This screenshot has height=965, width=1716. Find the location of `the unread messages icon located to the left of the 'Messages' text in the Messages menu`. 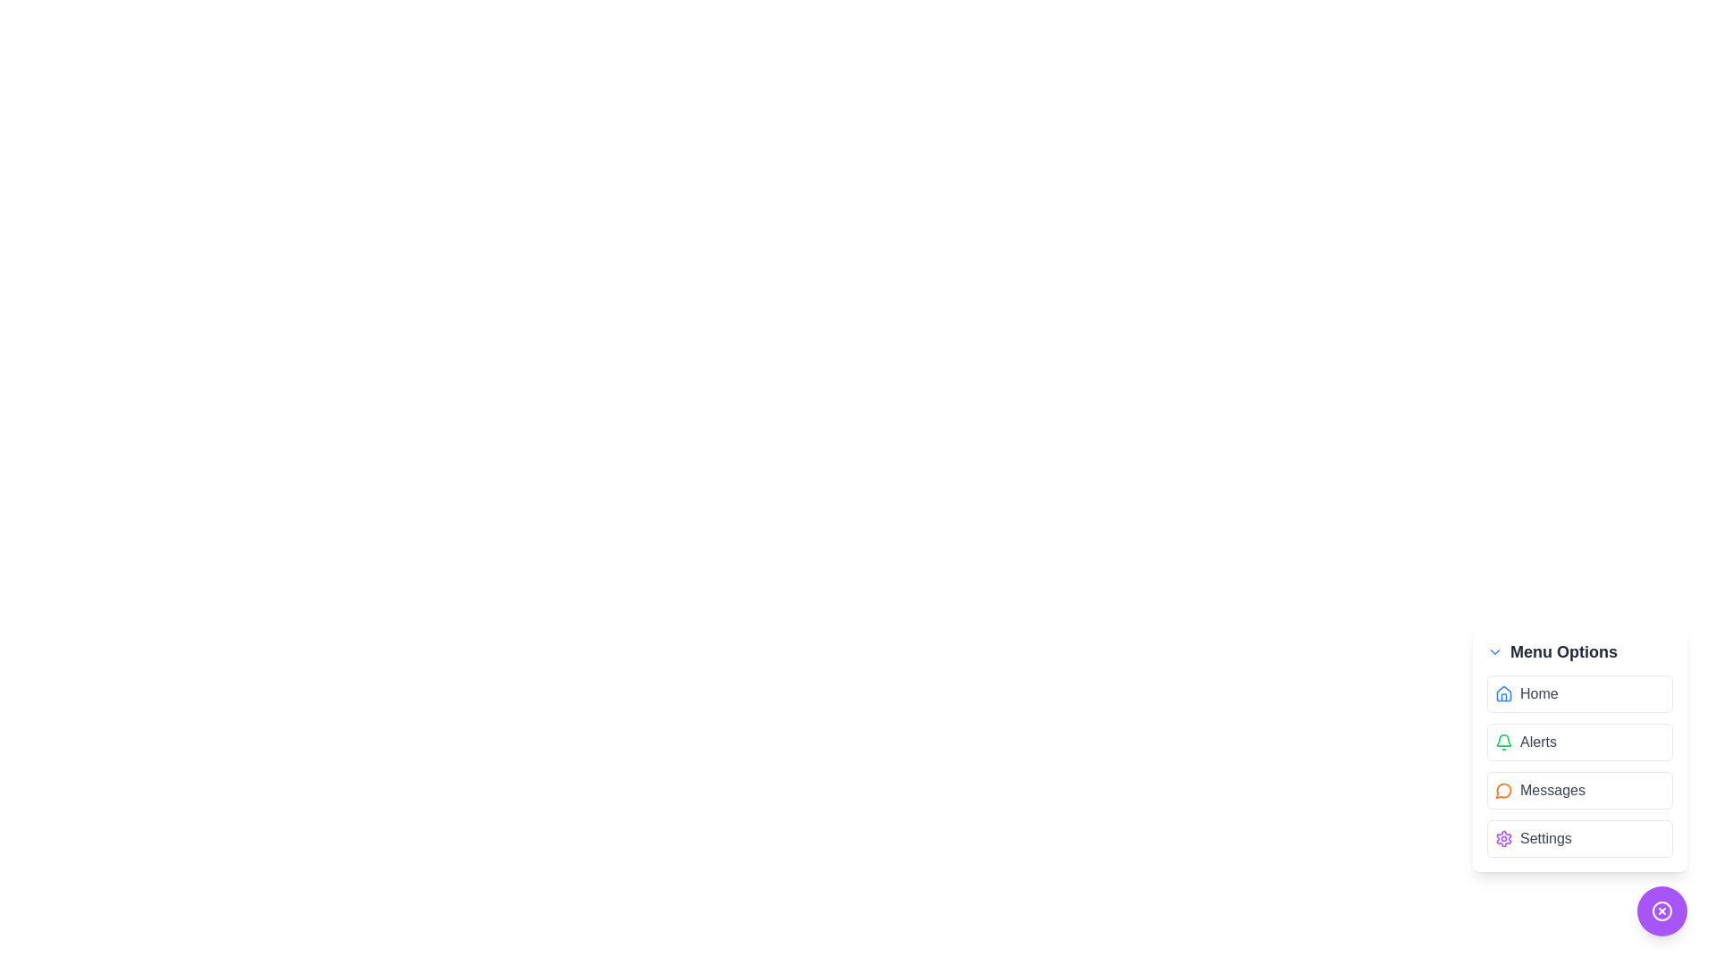

the unread messages icon located to the left of the 'Messages' text in the Messages menu is located at coordinates (1503, 789).